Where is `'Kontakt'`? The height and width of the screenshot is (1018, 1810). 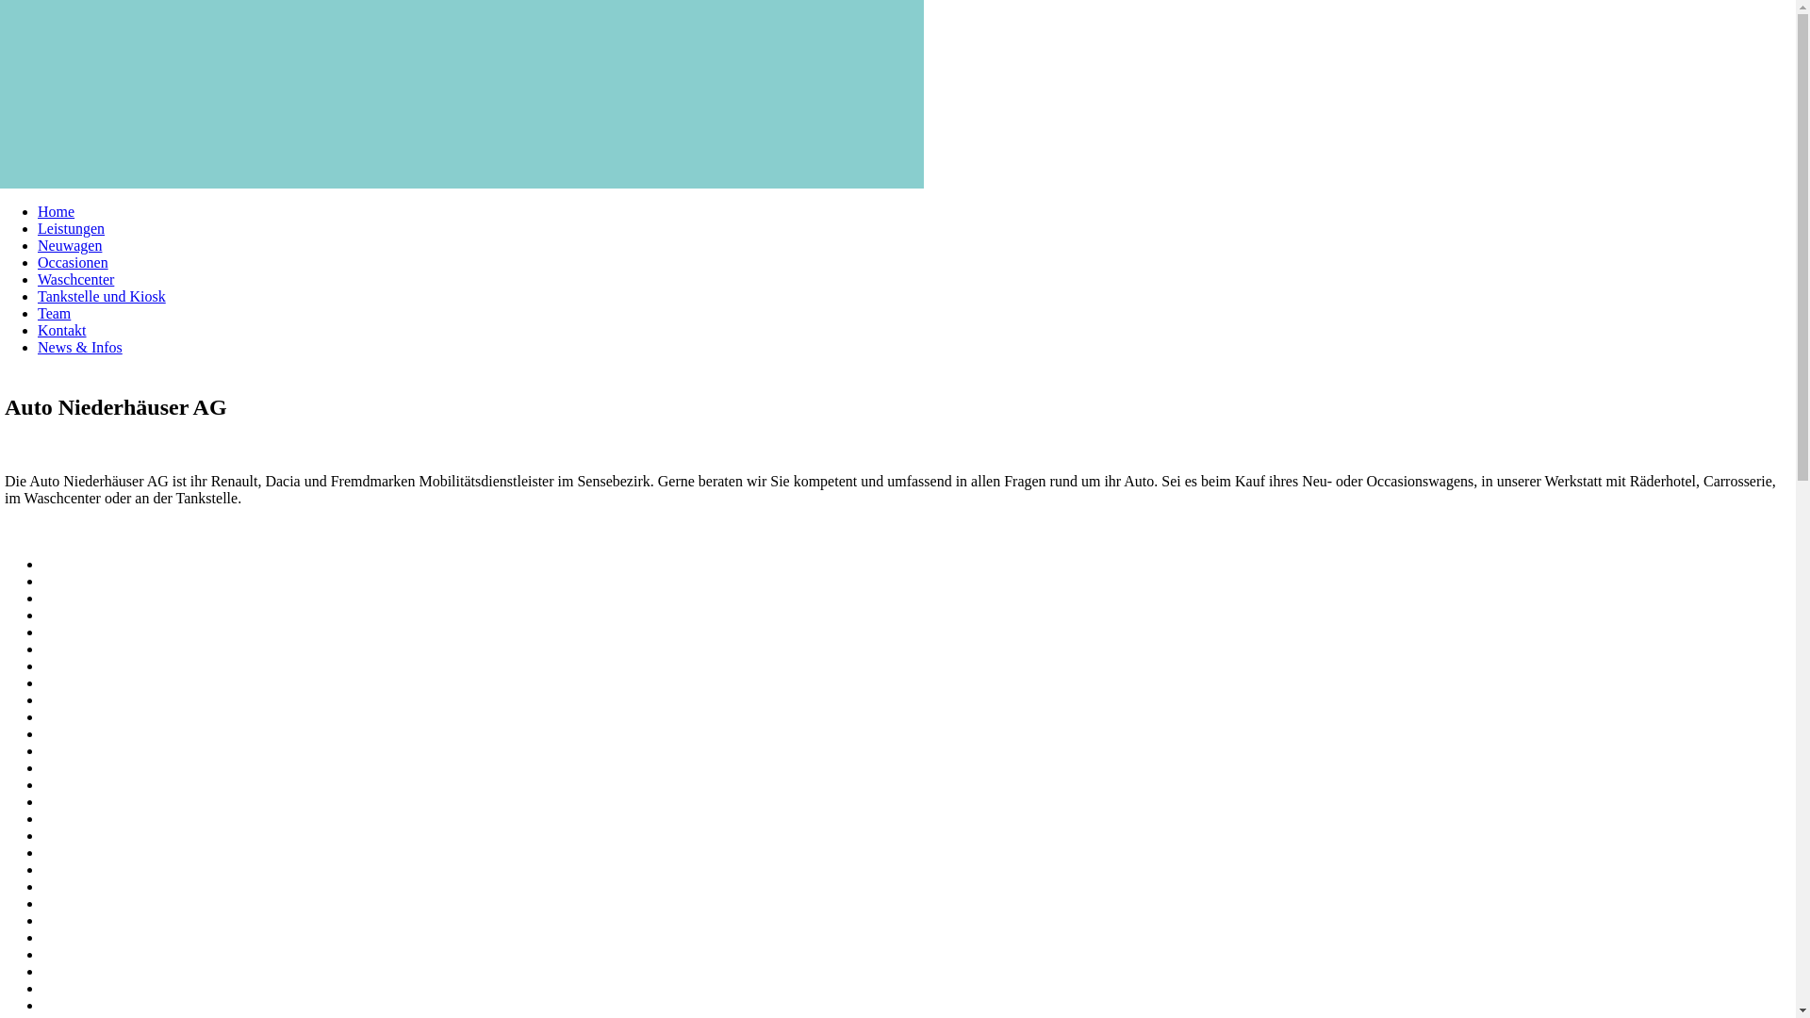
'Kontakt' is located at coordinates (62, 329).